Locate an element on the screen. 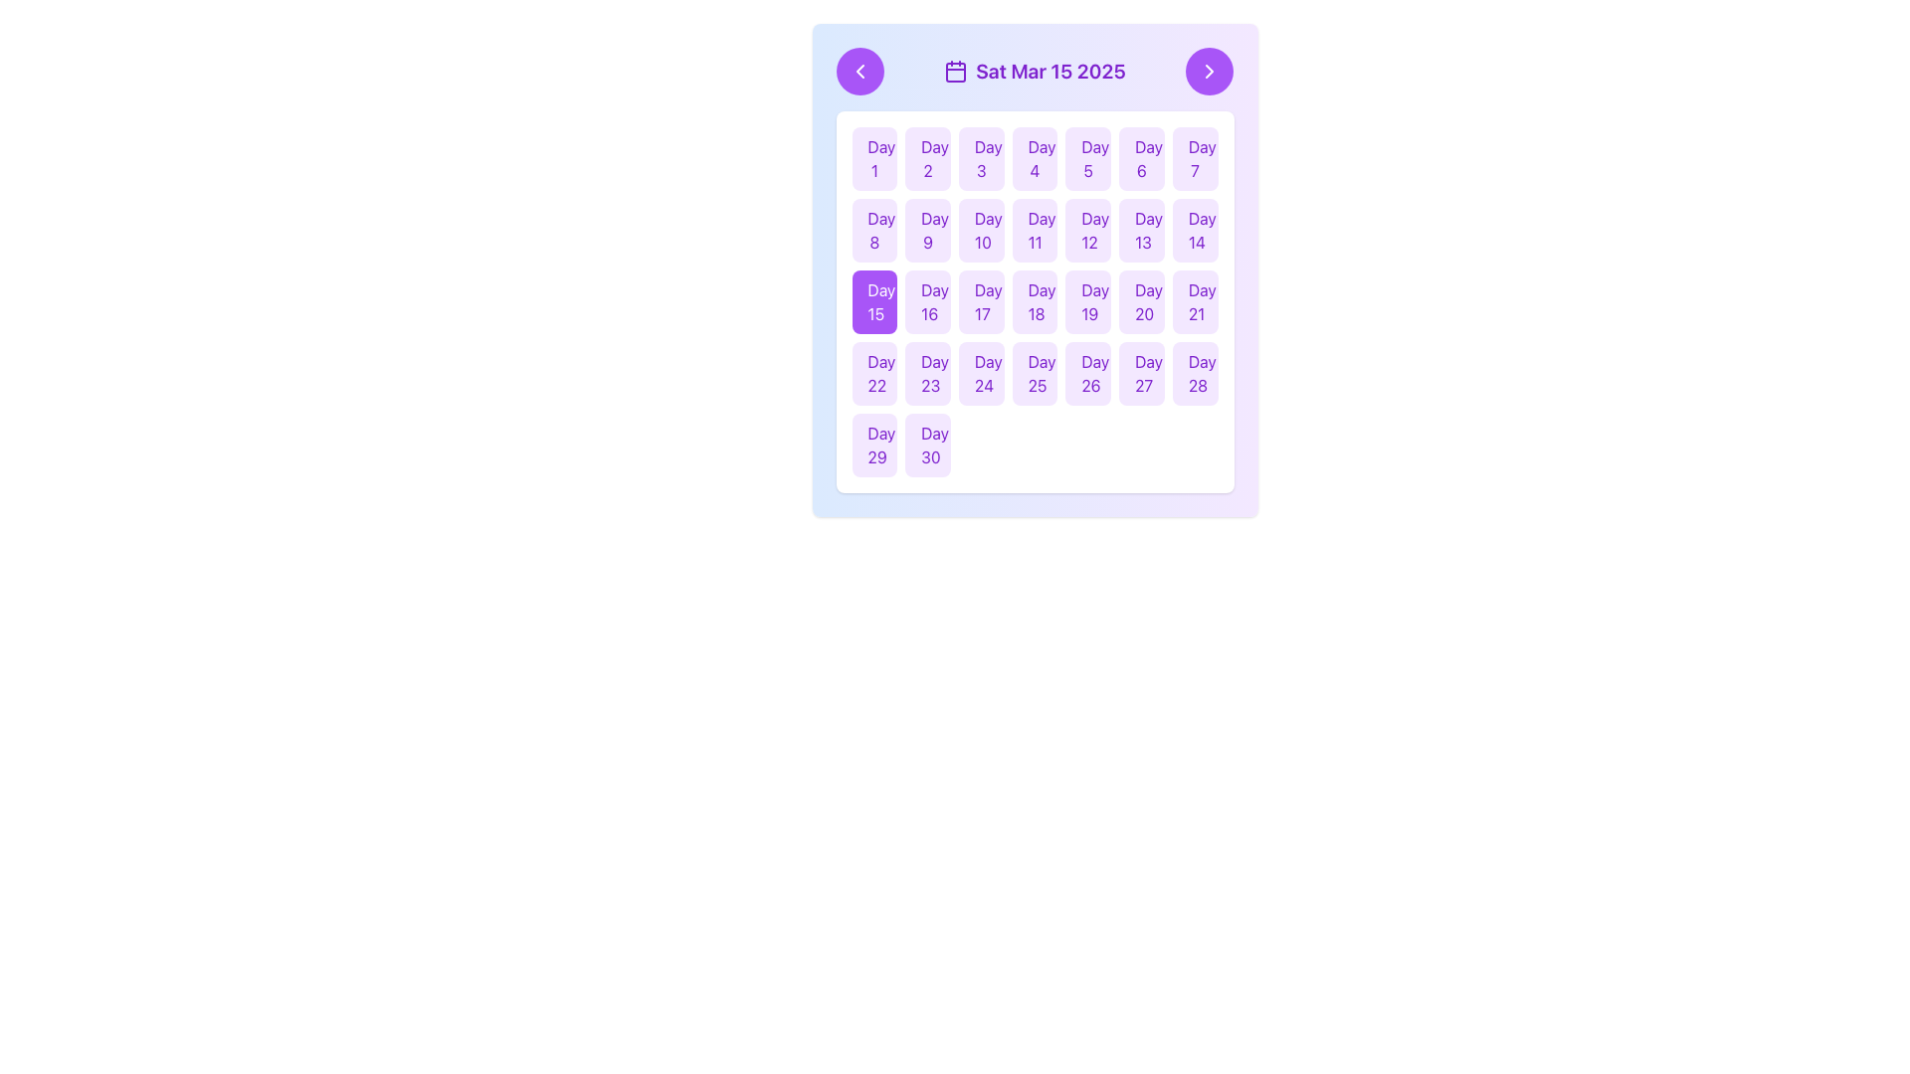 The width and height of the screenshot is (1910, 1074). the rightward-pointing chevron arrow icon button located at the top-right corner of the calendar interface is located at coordinates (1209, 71).